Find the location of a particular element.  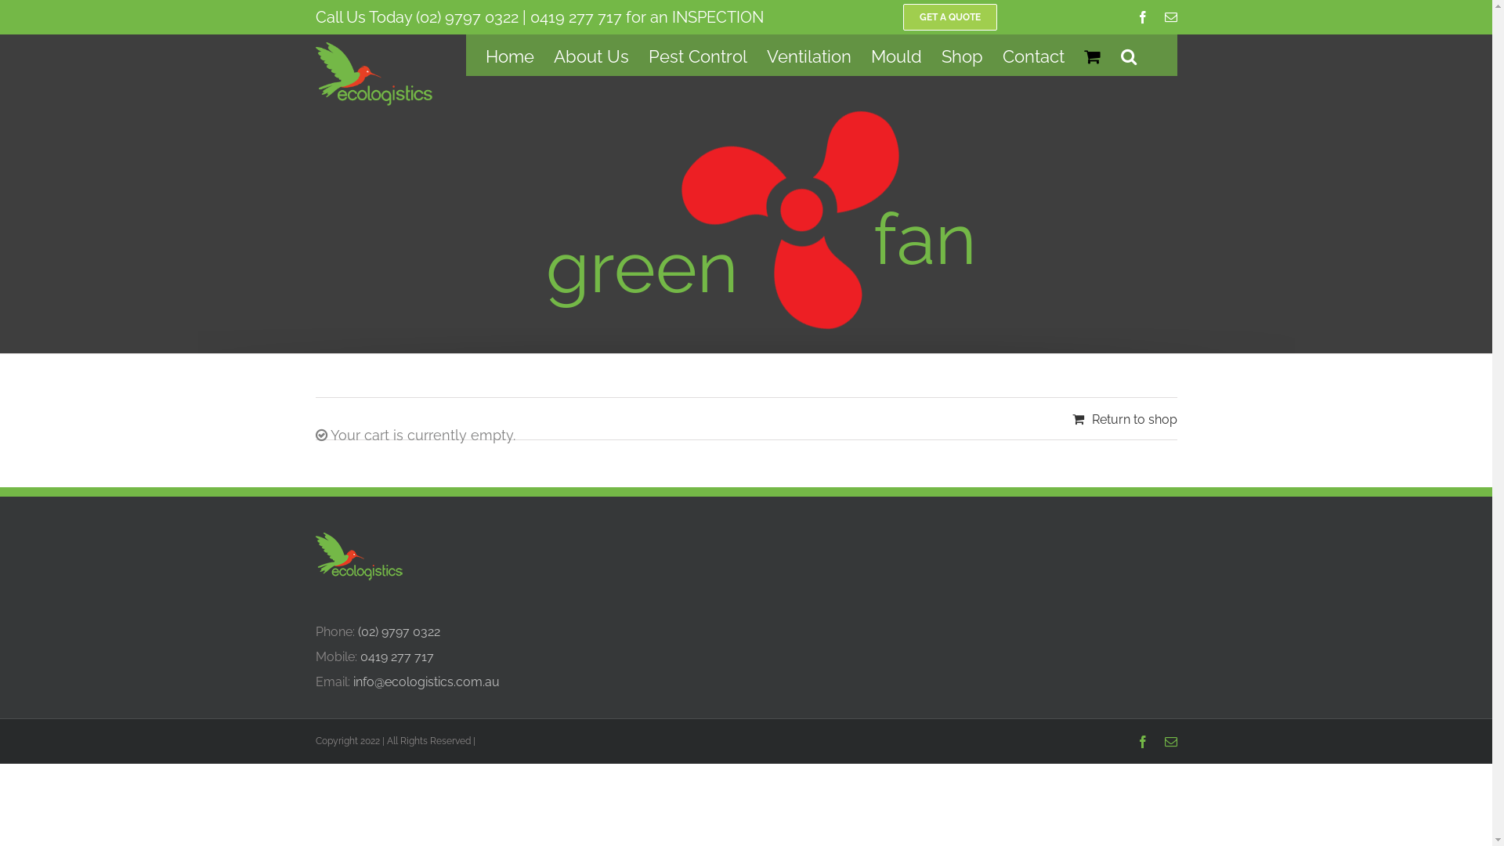

'Facebook' is located at coordinates (1142, 741).